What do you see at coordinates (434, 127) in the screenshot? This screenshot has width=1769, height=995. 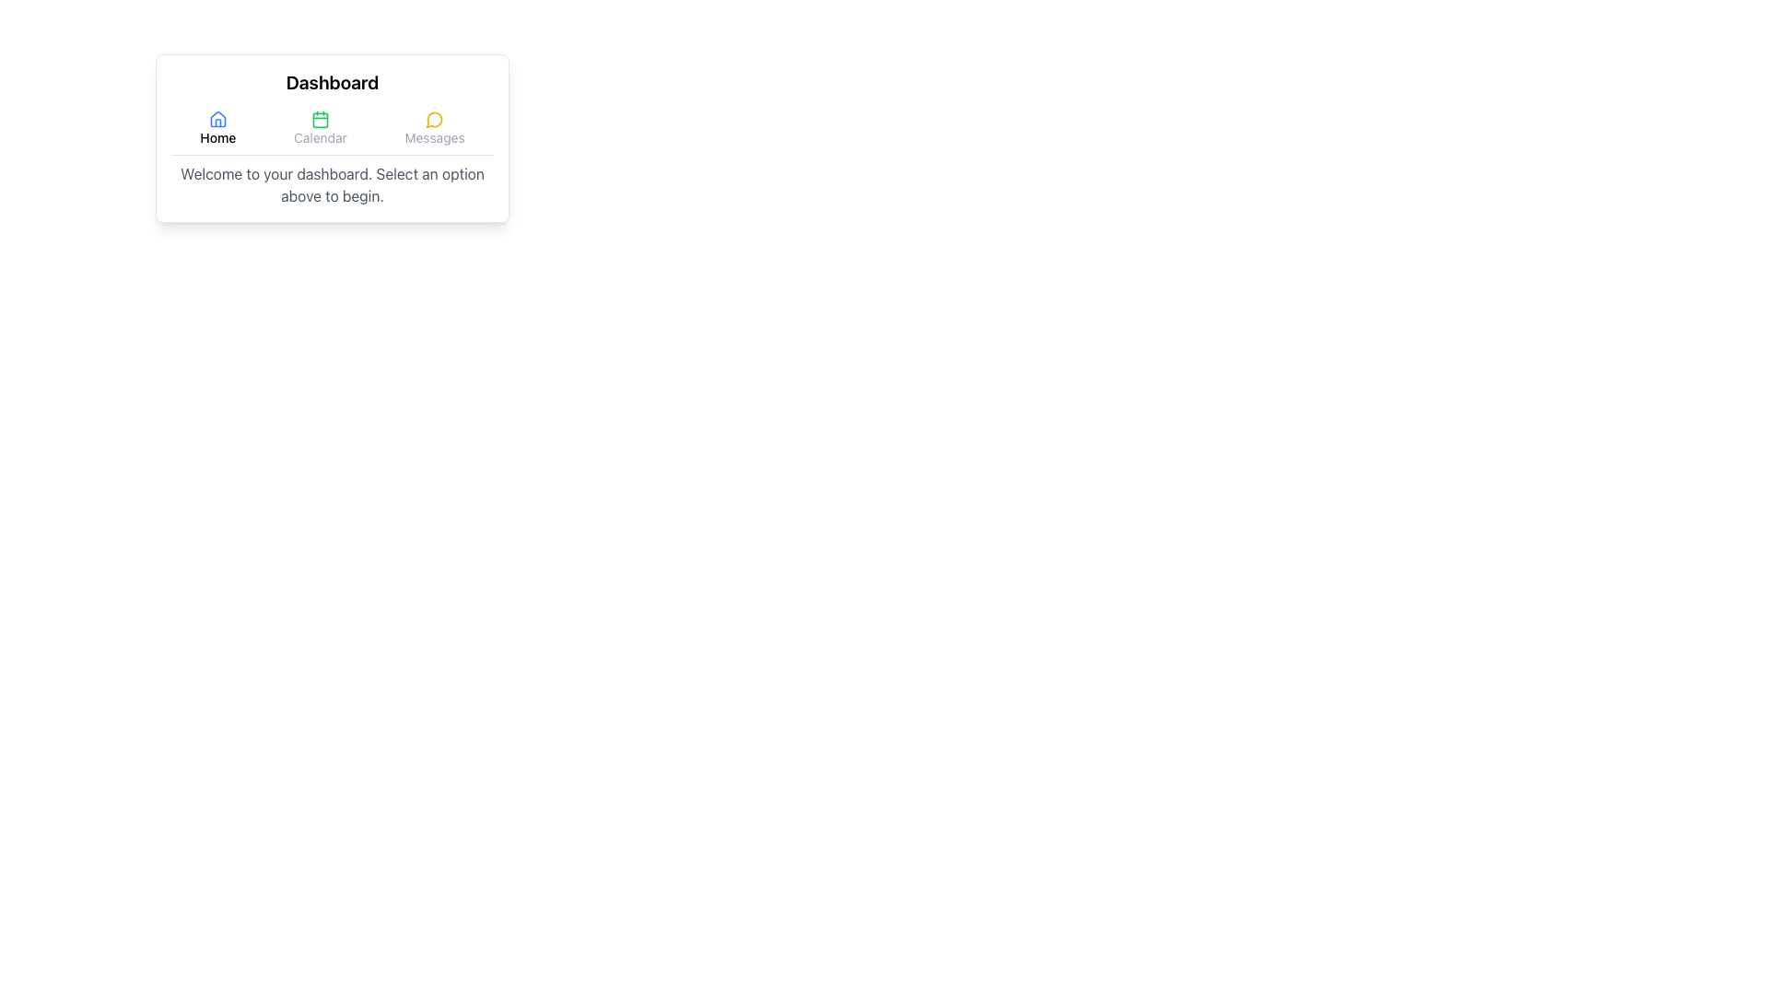 I see `the 'Messages' button with a speech bubble icon in the top-right part of the navigation bar` at bounding box center [434, 127].